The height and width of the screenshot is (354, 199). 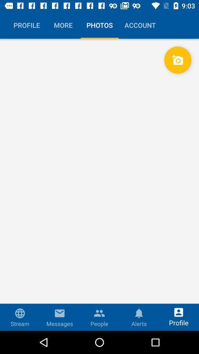 What do you see at coordinates (99, 25) in the screenshot?
I see `the button beside more` at bounding box center [99, 25].